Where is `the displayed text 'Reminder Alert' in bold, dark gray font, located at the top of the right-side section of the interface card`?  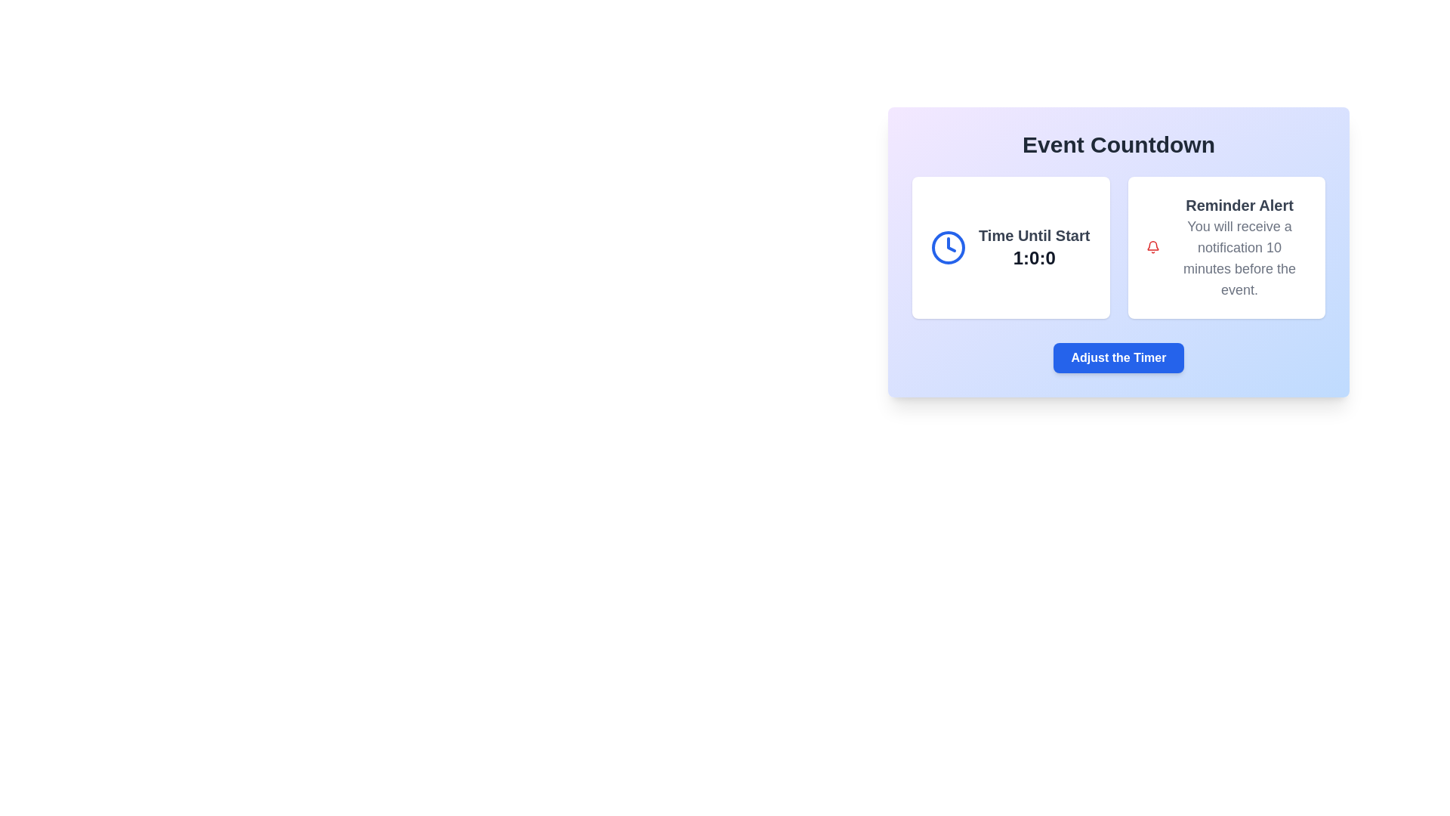
the displayed text 'Reminder Alert' in bold, dark gray font, located at the top of the right-side section of the interface card is located at coordinates (1239, 206).